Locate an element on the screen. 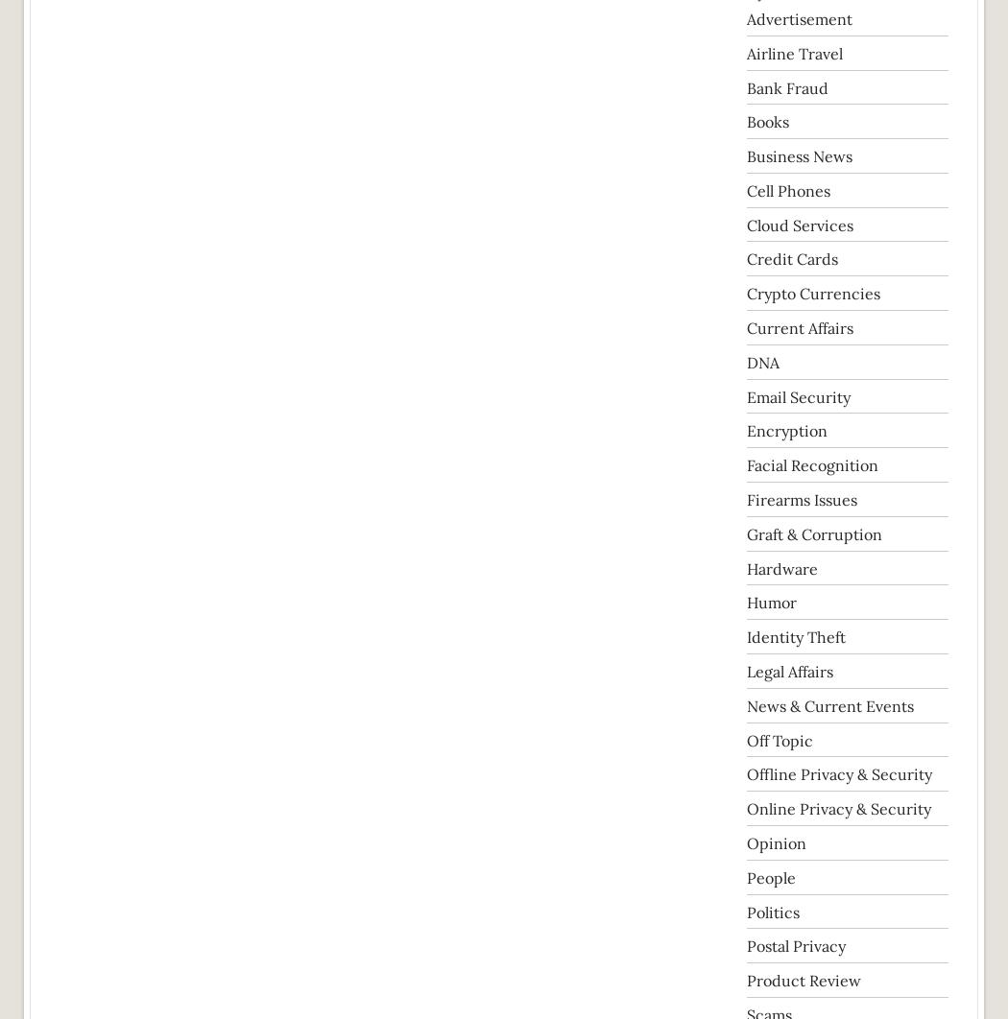 The height and width of the screenshot is (1019, 1008). 'DNA' is located at coordinates (761, 361).